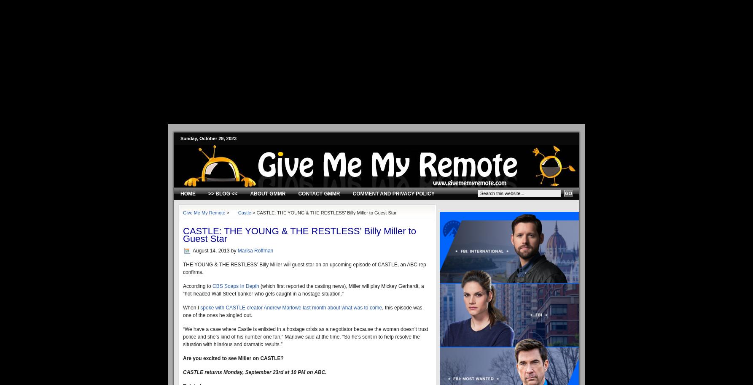  I want to click on 'Marisa Roffman', so click(237, 250).